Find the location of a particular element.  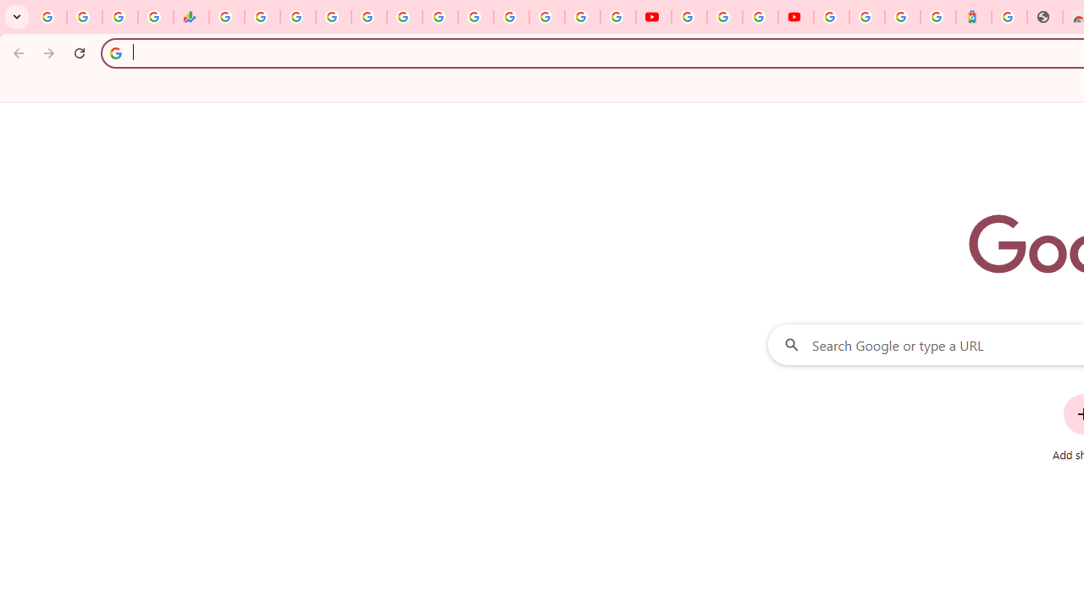

'Sign in - Google Accounts' is located at coordinates (832, 17).